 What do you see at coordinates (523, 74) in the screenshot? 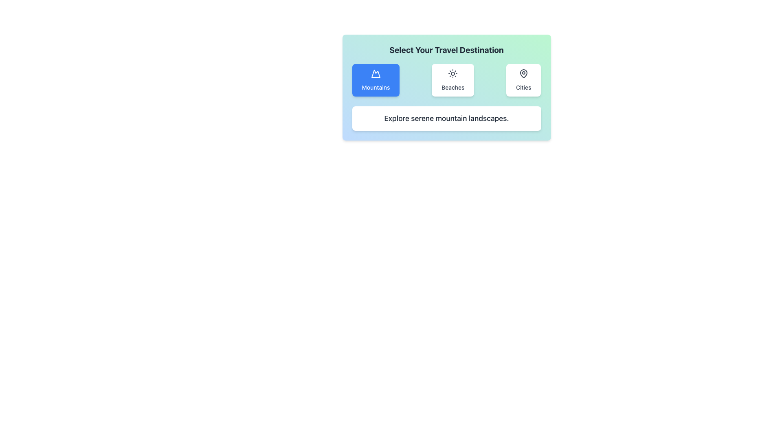
I see `the map pin icon located within the 'Cities' button` at bounding box center [523, 74].